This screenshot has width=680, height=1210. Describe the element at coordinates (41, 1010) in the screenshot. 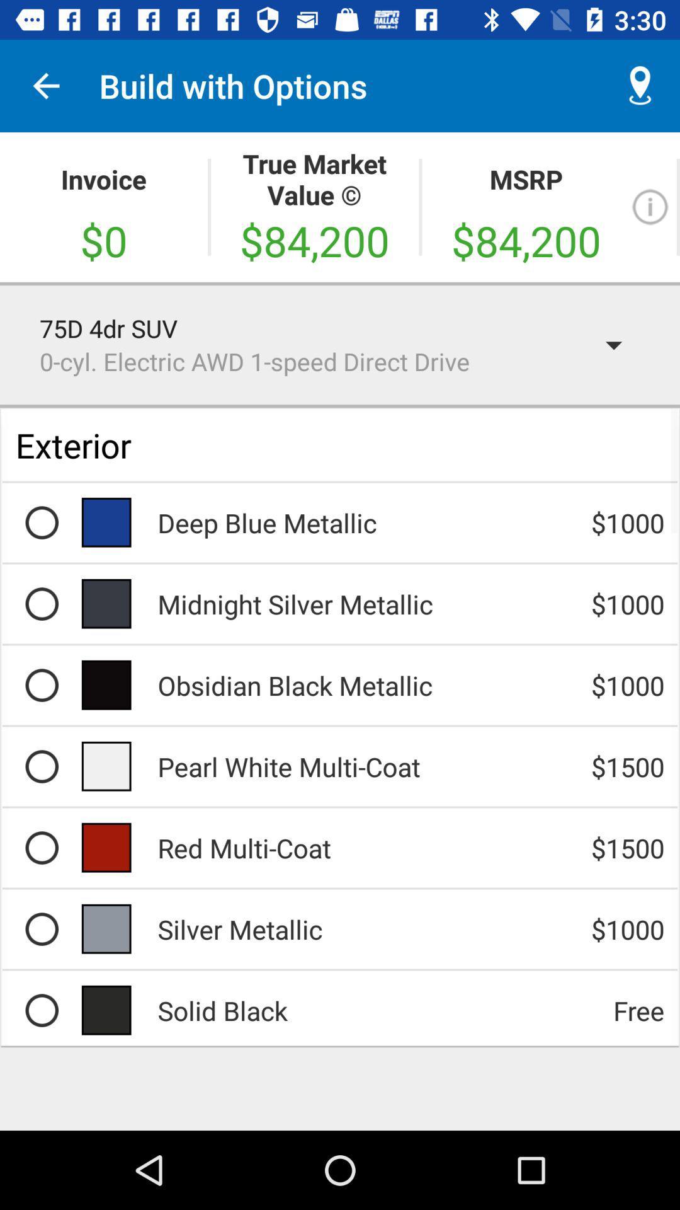

I see `the black` at that location.